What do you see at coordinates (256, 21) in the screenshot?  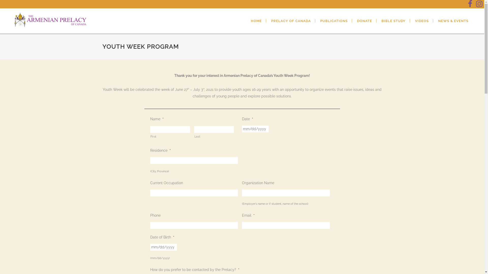 I see `'HOME'` at bounding box center [256, 21].